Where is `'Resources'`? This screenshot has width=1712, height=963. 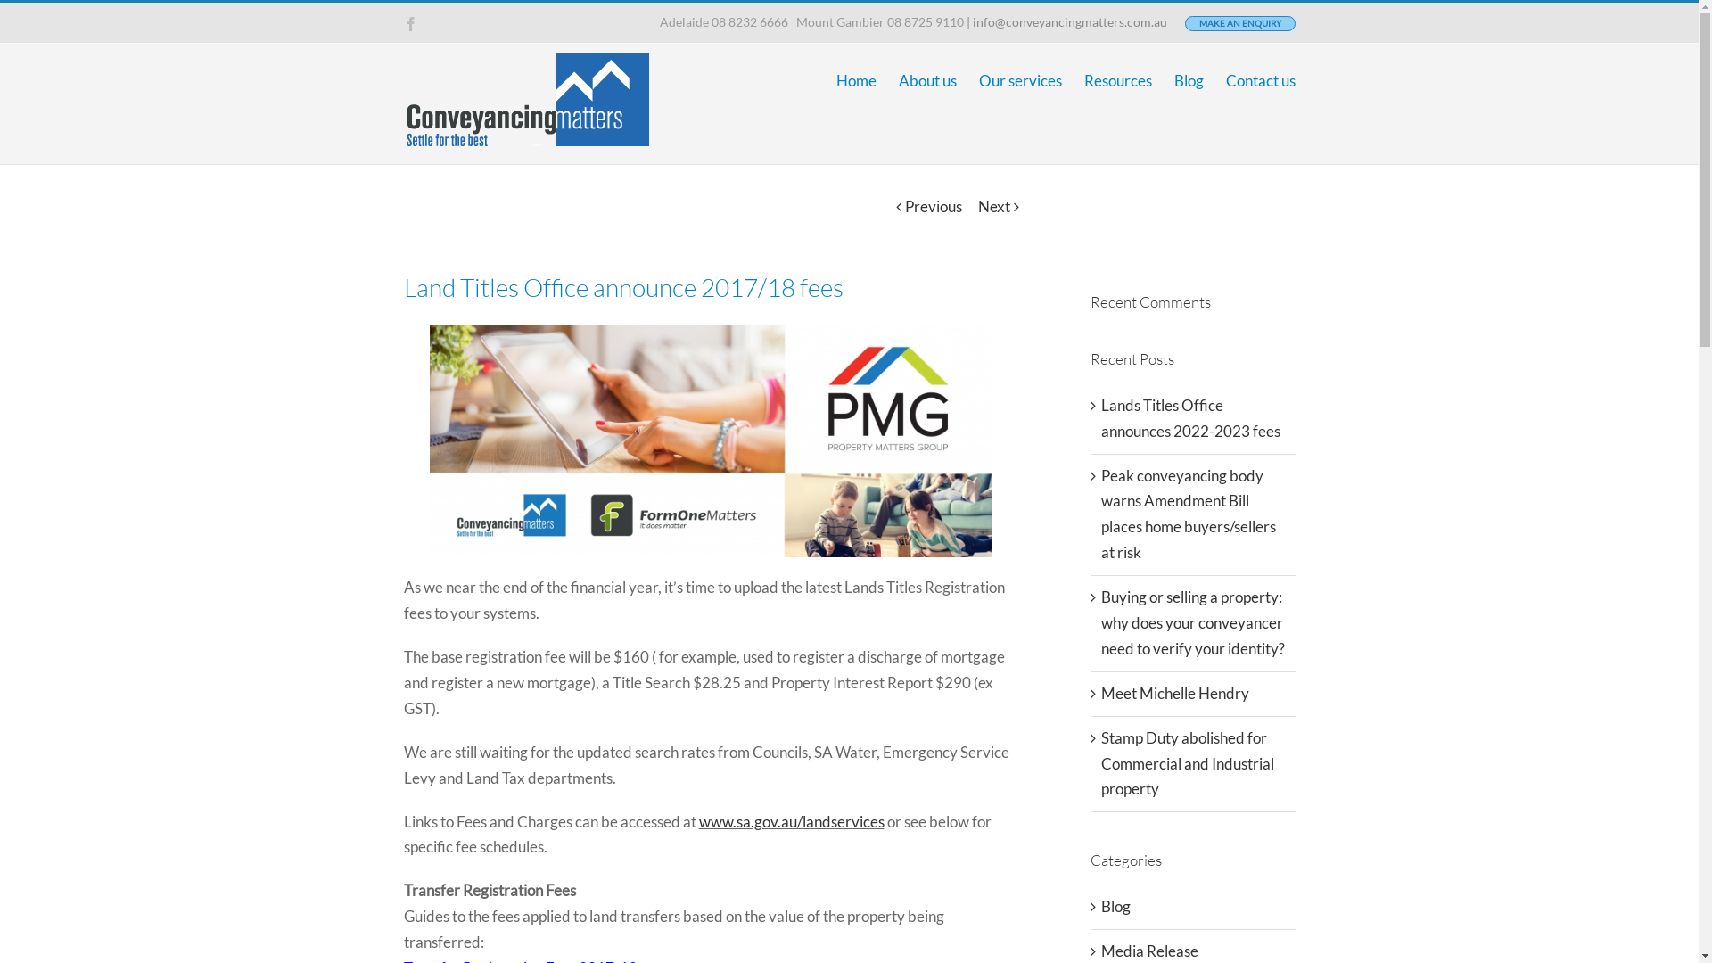
'Resources' is located at coordinates (1116, 80).